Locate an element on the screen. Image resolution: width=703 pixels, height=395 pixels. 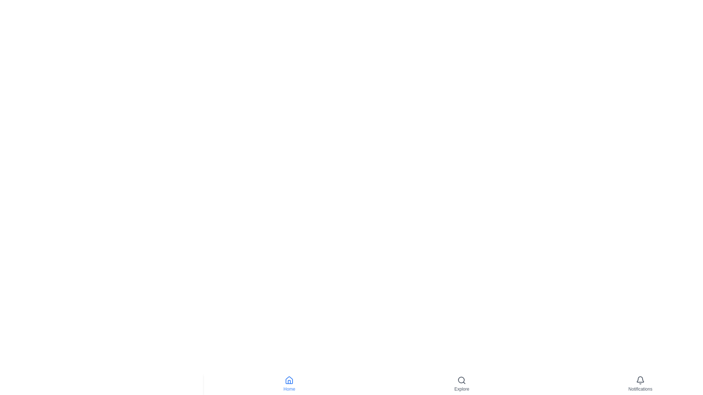
the Text label indicating notifications, located at the bottom-right corner of the interface below the bell icon is located at coordinates (640, 389).